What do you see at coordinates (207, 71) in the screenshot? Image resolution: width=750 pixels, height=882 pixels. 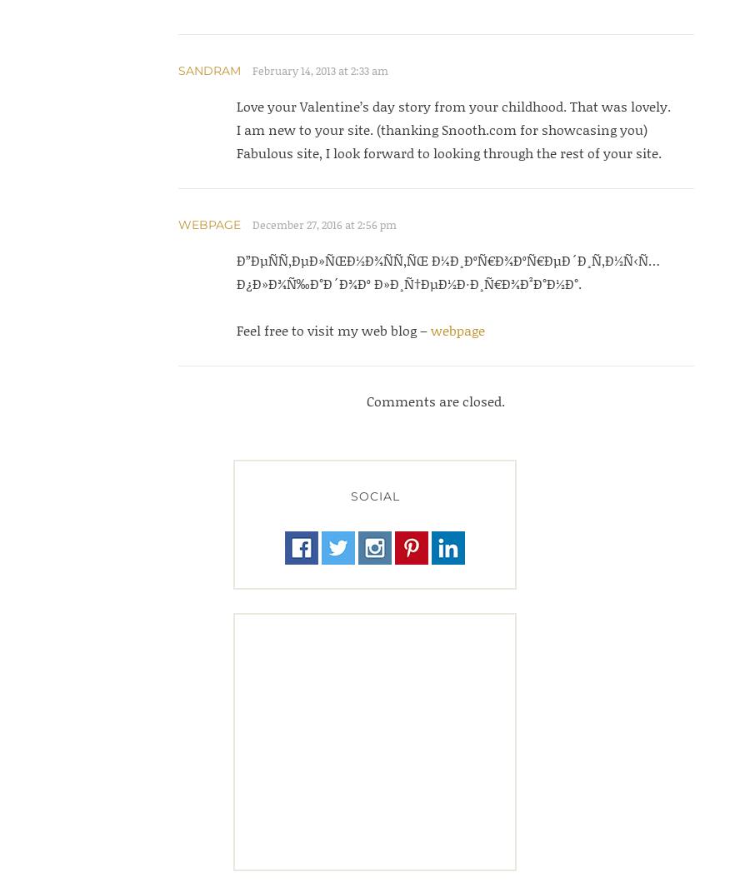 I see `'SandraM'` at bounding box center [207, 71].